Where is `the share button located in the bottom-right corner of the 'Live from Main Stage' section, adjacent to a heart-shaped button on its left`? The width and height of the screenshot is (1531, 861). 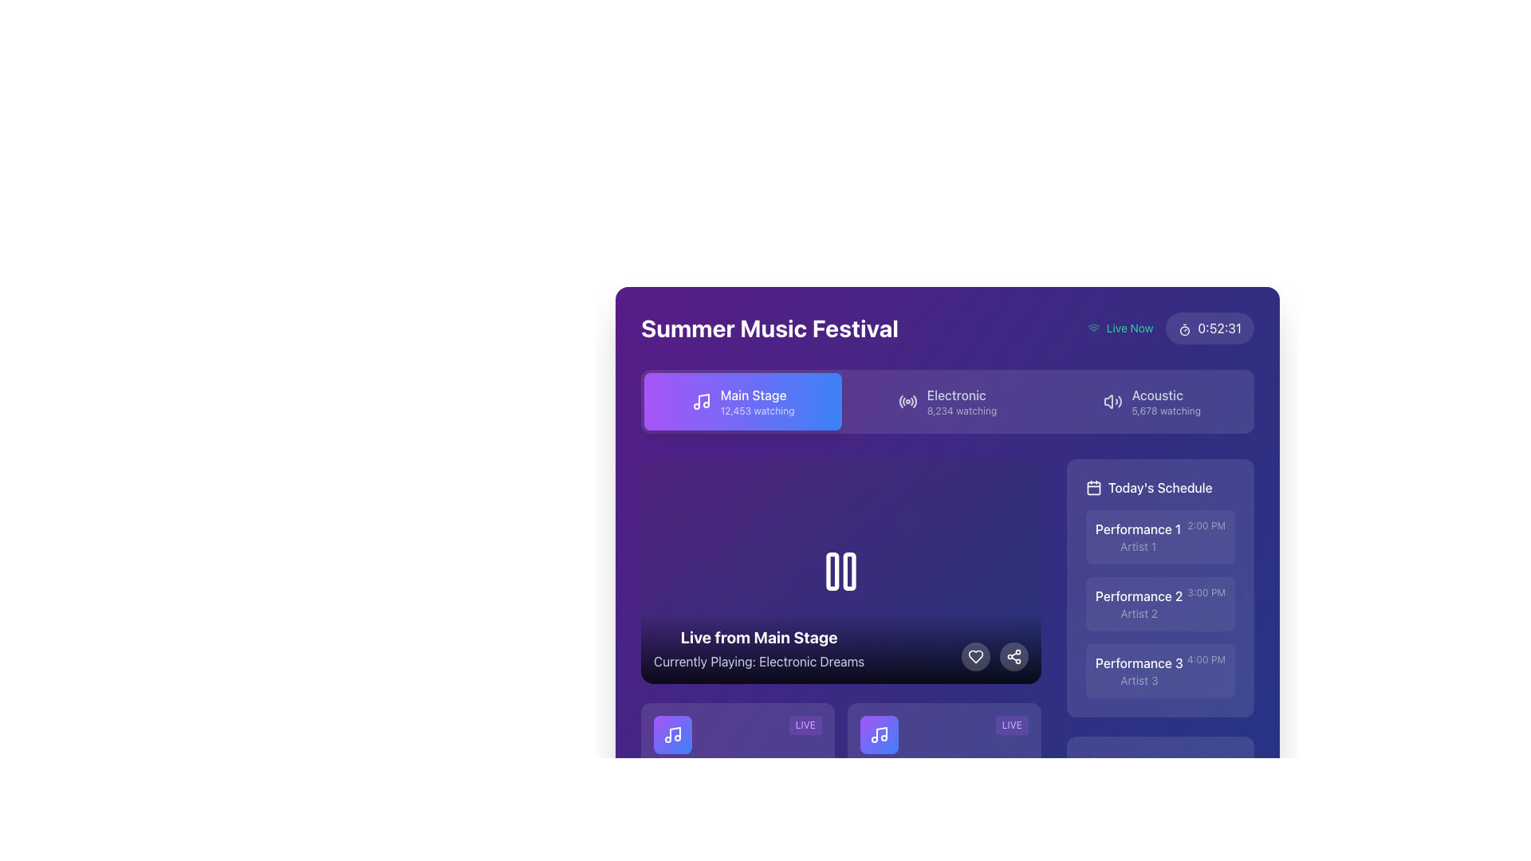 the share button located in the bottom-right corner of the 'Live from Main Stage' section, adjacent to a heart-shaped button on its left is located at coordinates (1013, 657).